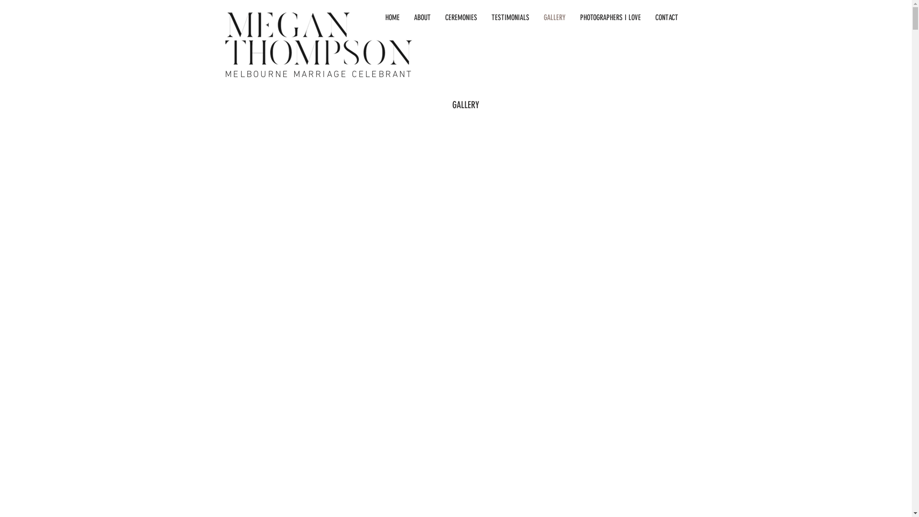 The image size is (919, 517). What do you see at coordinates (460, 19) in the screenshot?
I see `'CEREMONIES'` at bounding box center [460, 19].